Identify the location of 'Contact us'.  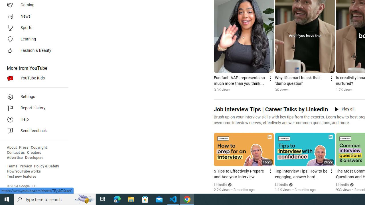
(16, 152).